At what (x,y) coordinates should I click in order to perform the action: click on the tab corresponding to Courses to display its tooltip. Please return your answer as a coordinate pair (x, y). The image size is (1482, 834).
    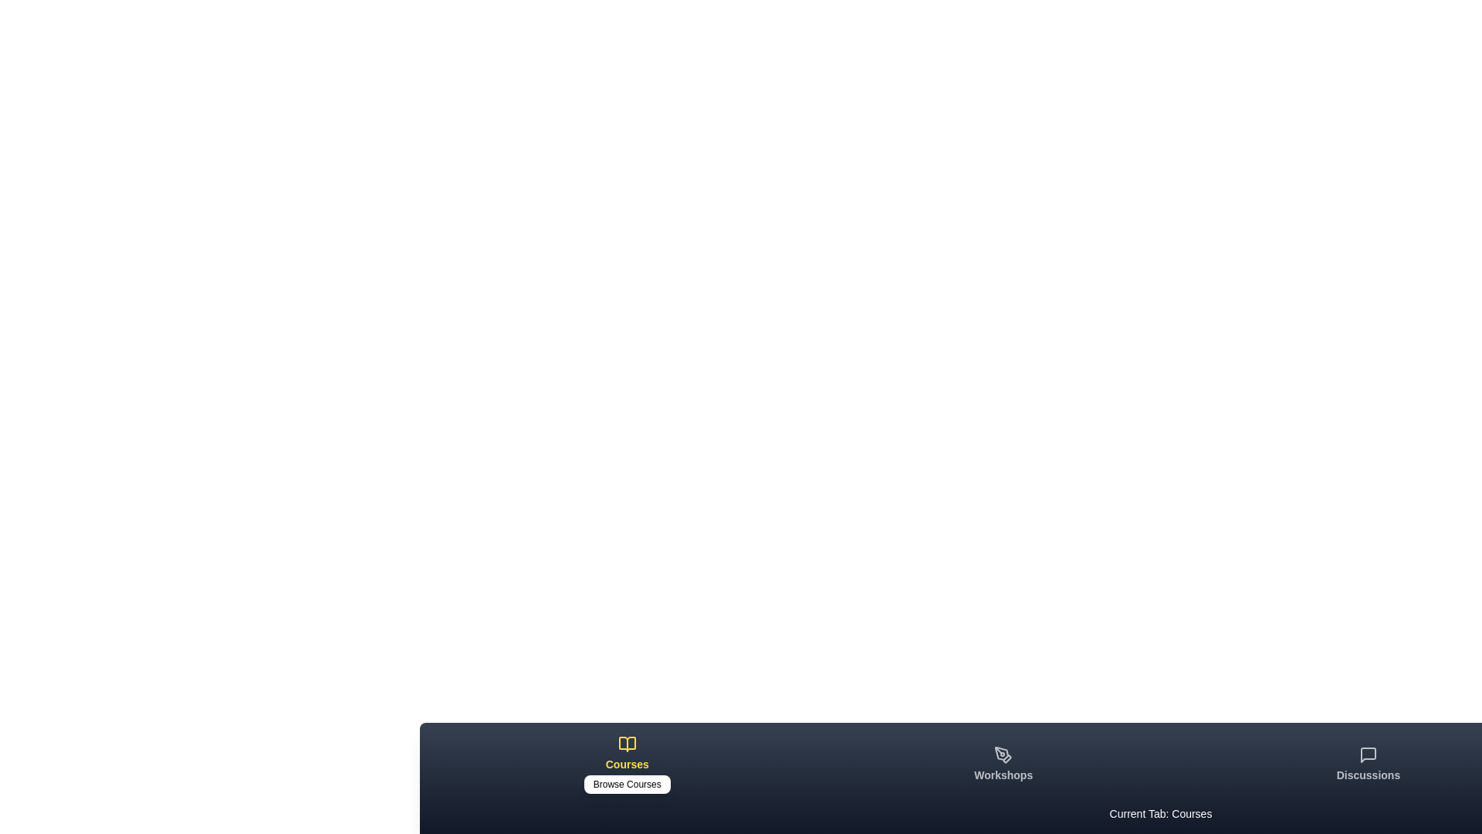
    Looking at the image, I should click on (627, 764).